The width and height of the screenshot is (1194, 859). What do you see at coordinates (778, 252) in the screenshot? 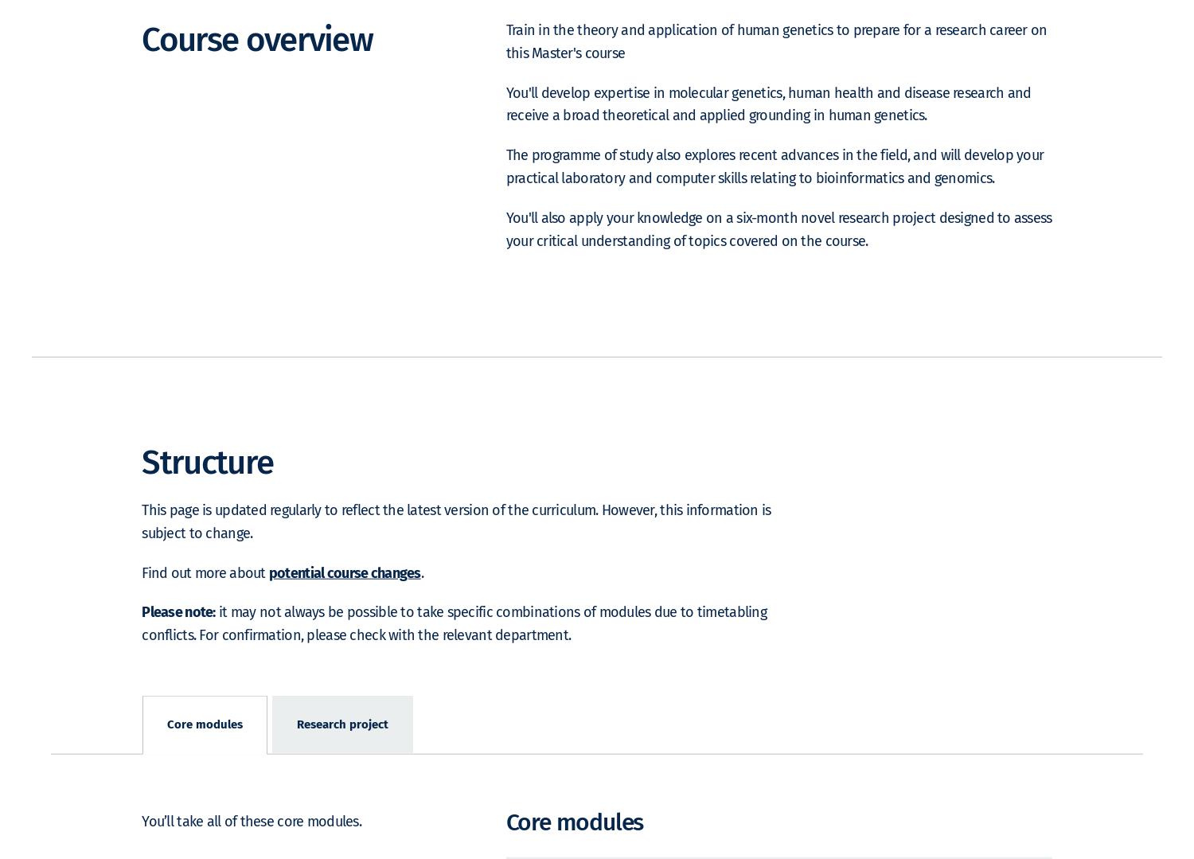
I see `'You'll also apply your knowledge on a six-month novel research project designed to assess your critical understanding of topics covered on the course.'` at bounding box center [778, 252].